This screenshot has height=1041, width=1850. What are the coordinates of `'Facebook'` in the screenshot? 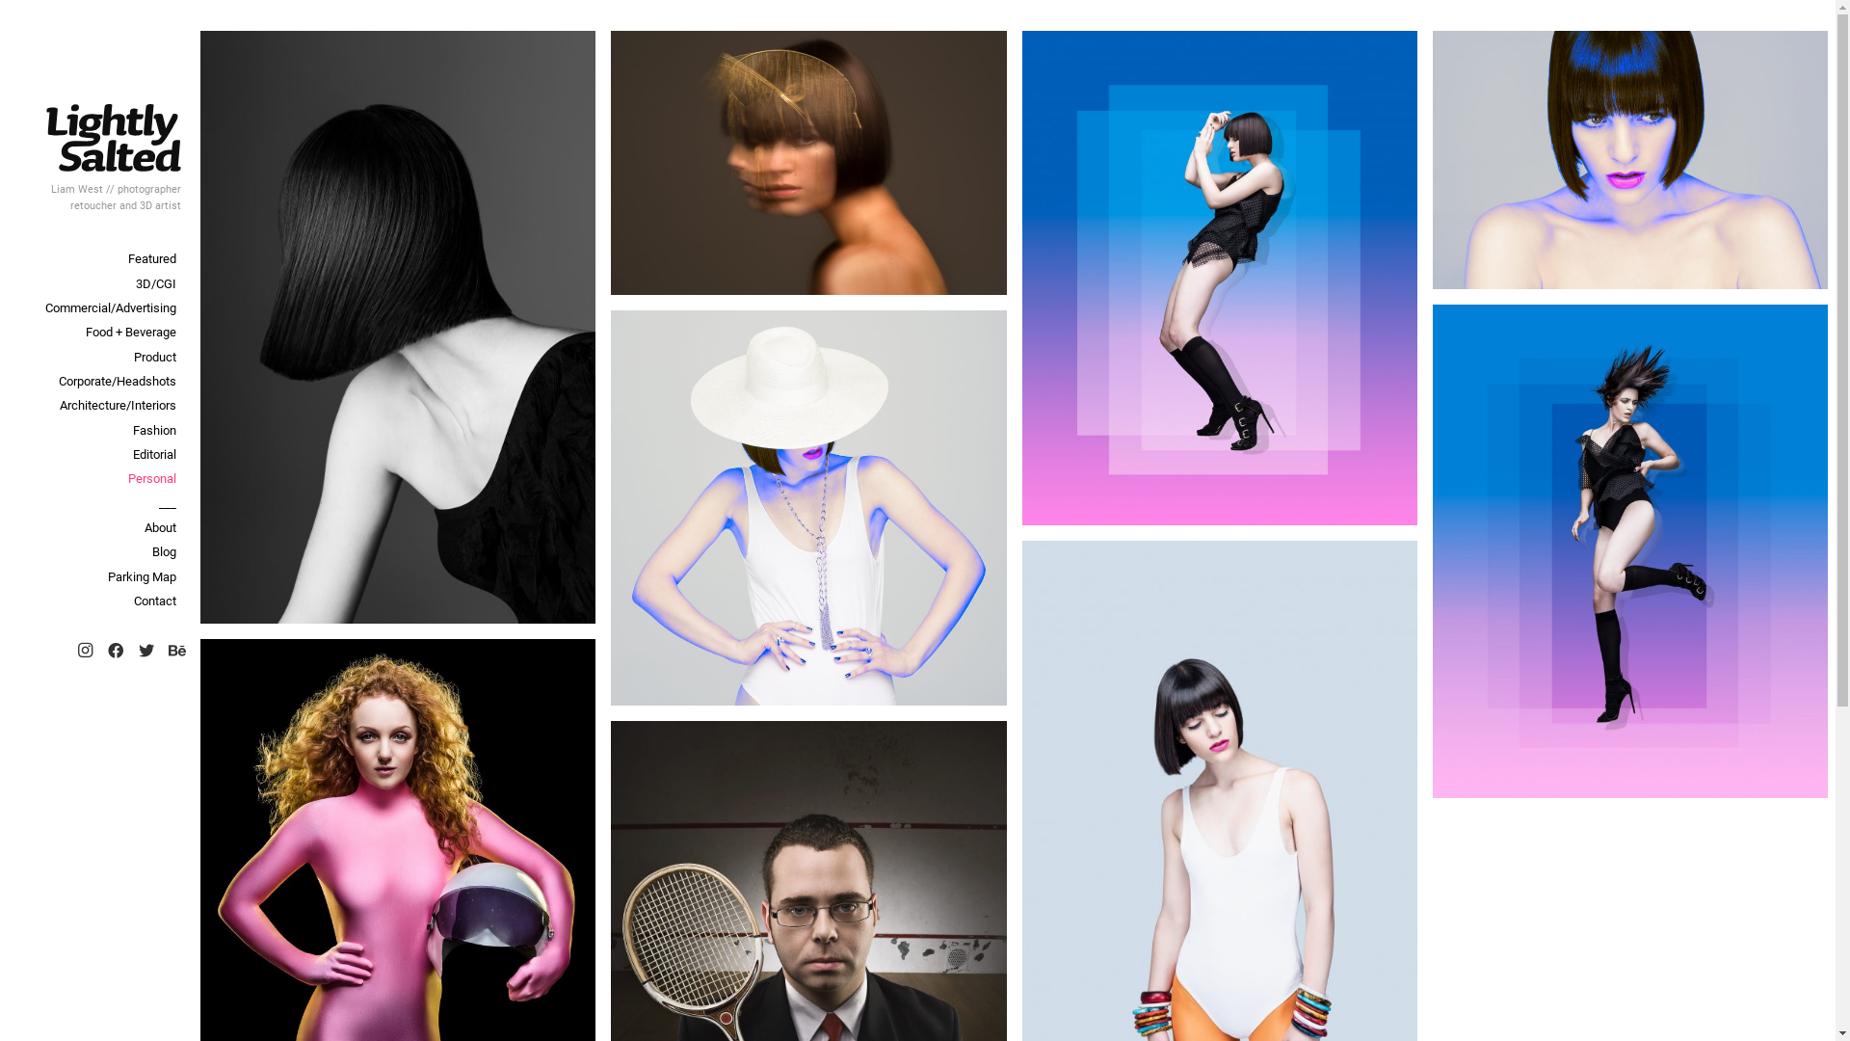 It's located at (115, 651).